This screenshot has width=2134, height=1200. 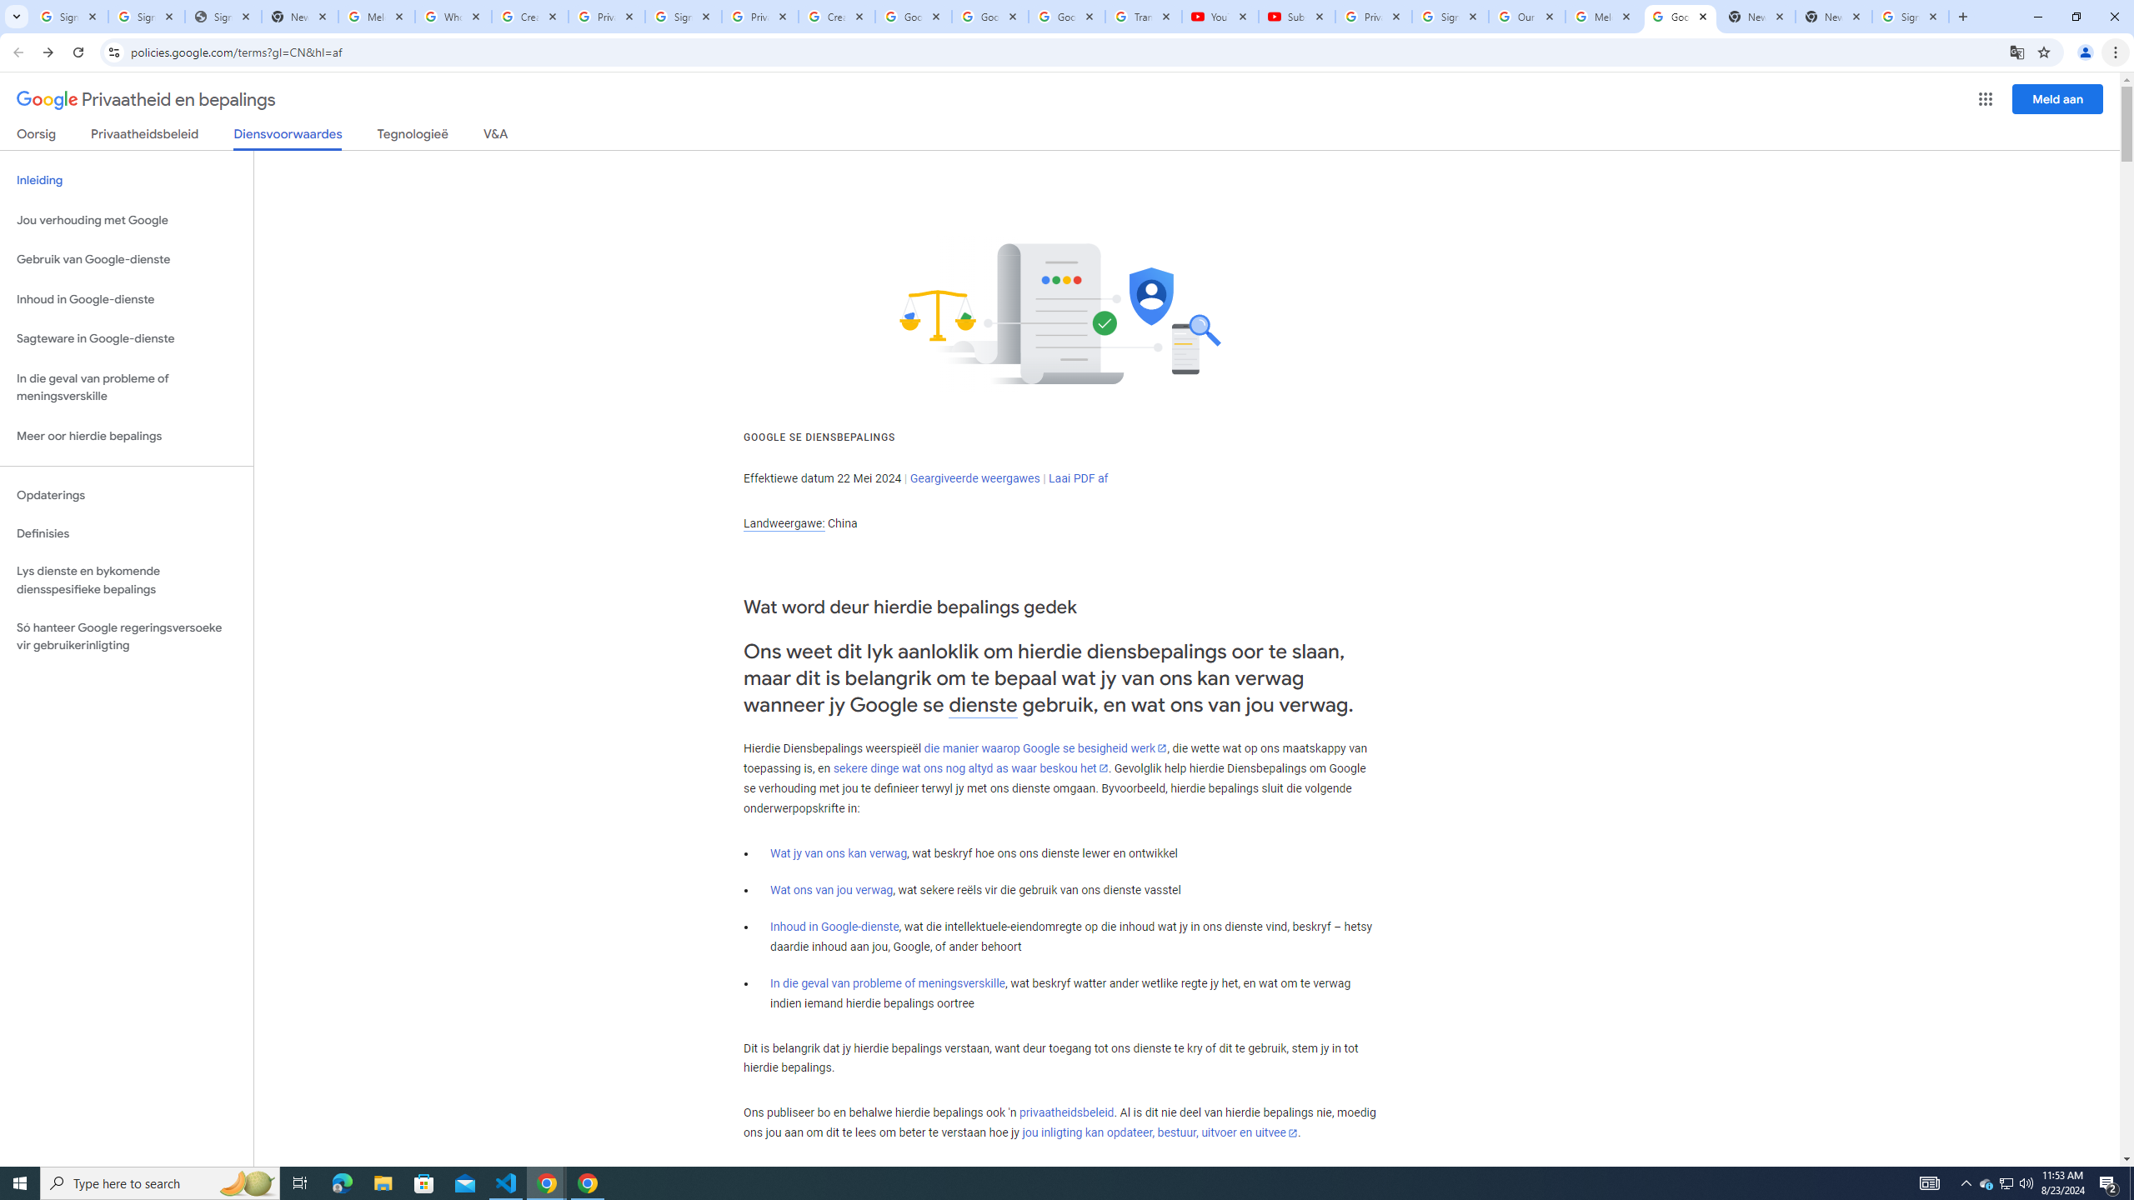 What do you see at coordinates (836, 16) in the screenshot?
I see `'Create your Google Account'` at bounding box center [836, 16].